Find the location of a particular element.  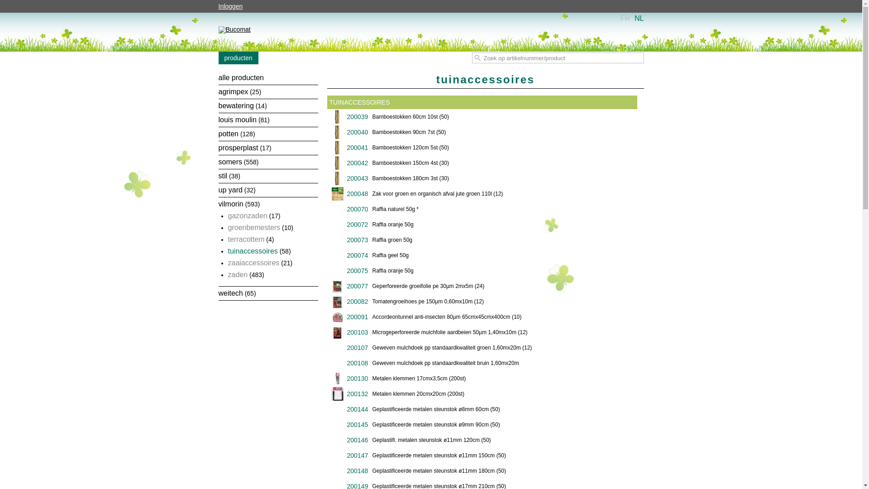

'terracottem' is located at coordinates (246, 239).